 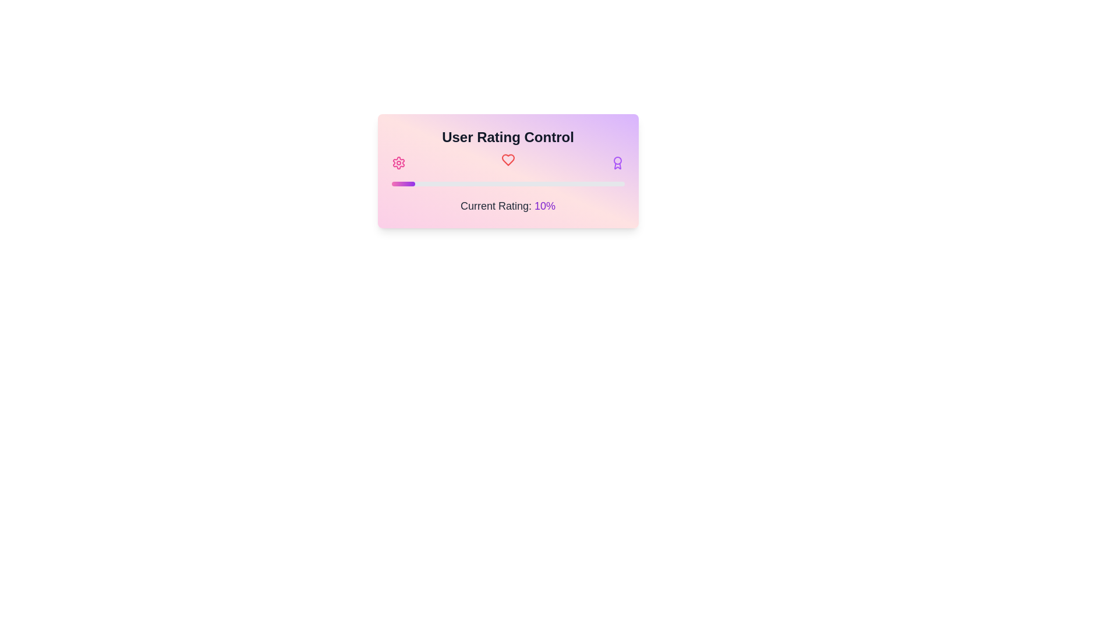 I want to click on the cogwheel icon located at the top-left corner of the 'User Rating Control' section, so click(x=398, y=163).